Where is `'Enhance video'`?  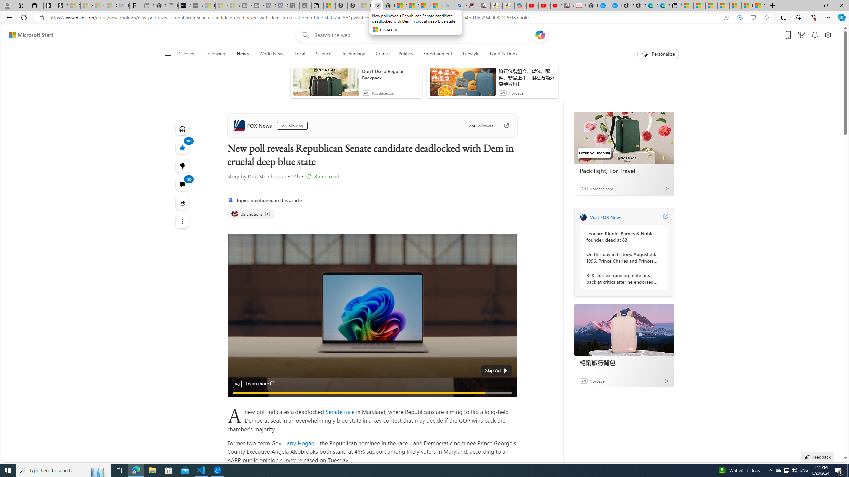
'Enhance video' is located at coordinates (740, 18).